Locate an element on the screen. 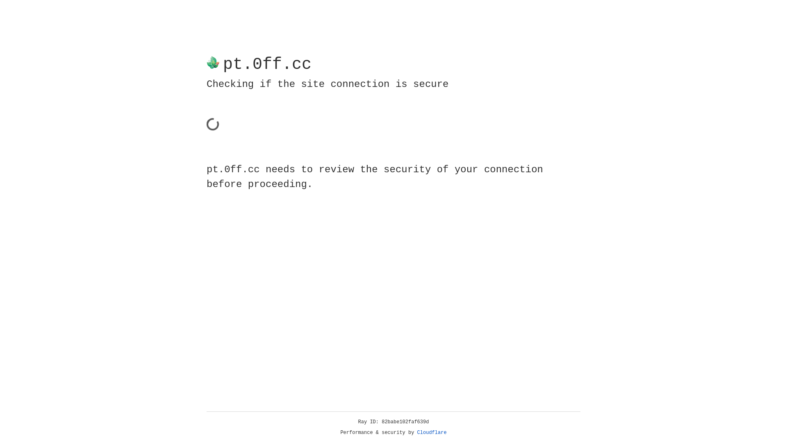 Image resolution: width=787 pixels, height=443 pixels. 'Cloudflare' is located at coordinates (432, 432).